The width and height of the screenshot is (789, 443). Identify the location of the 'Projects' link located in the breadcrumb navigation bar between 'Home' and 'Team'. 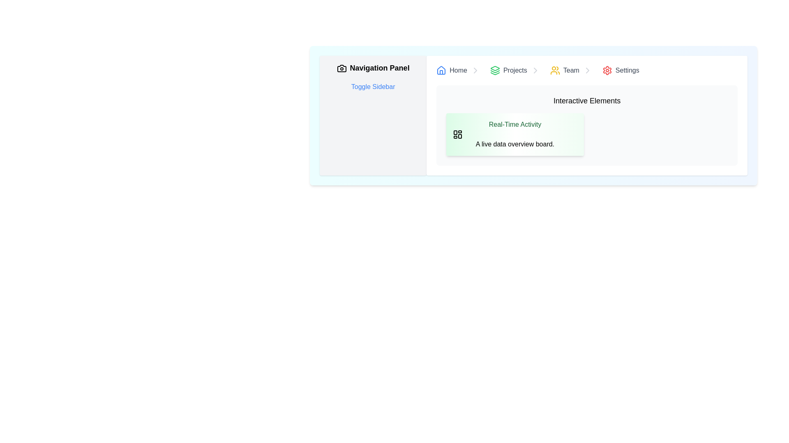
(508, 70).